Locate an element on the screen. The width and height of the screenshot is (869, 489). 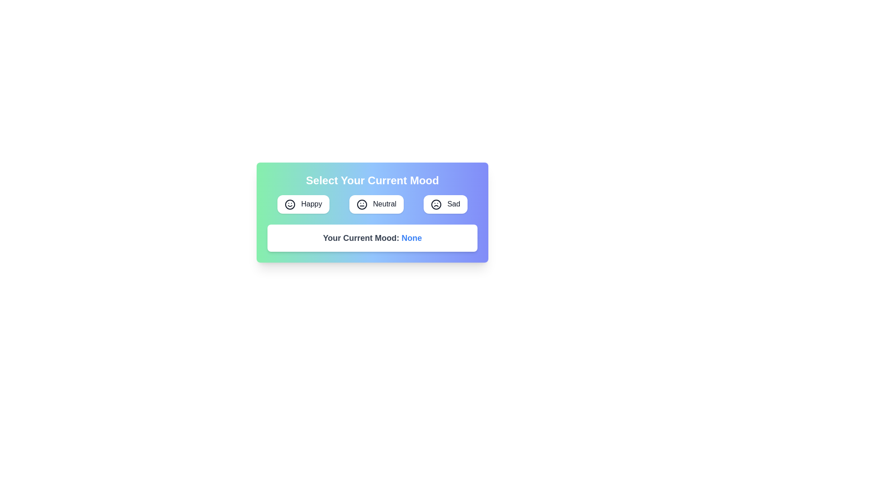
the 'Neutral' mood button in the mood selection interface is located at coordinates (376, 204).